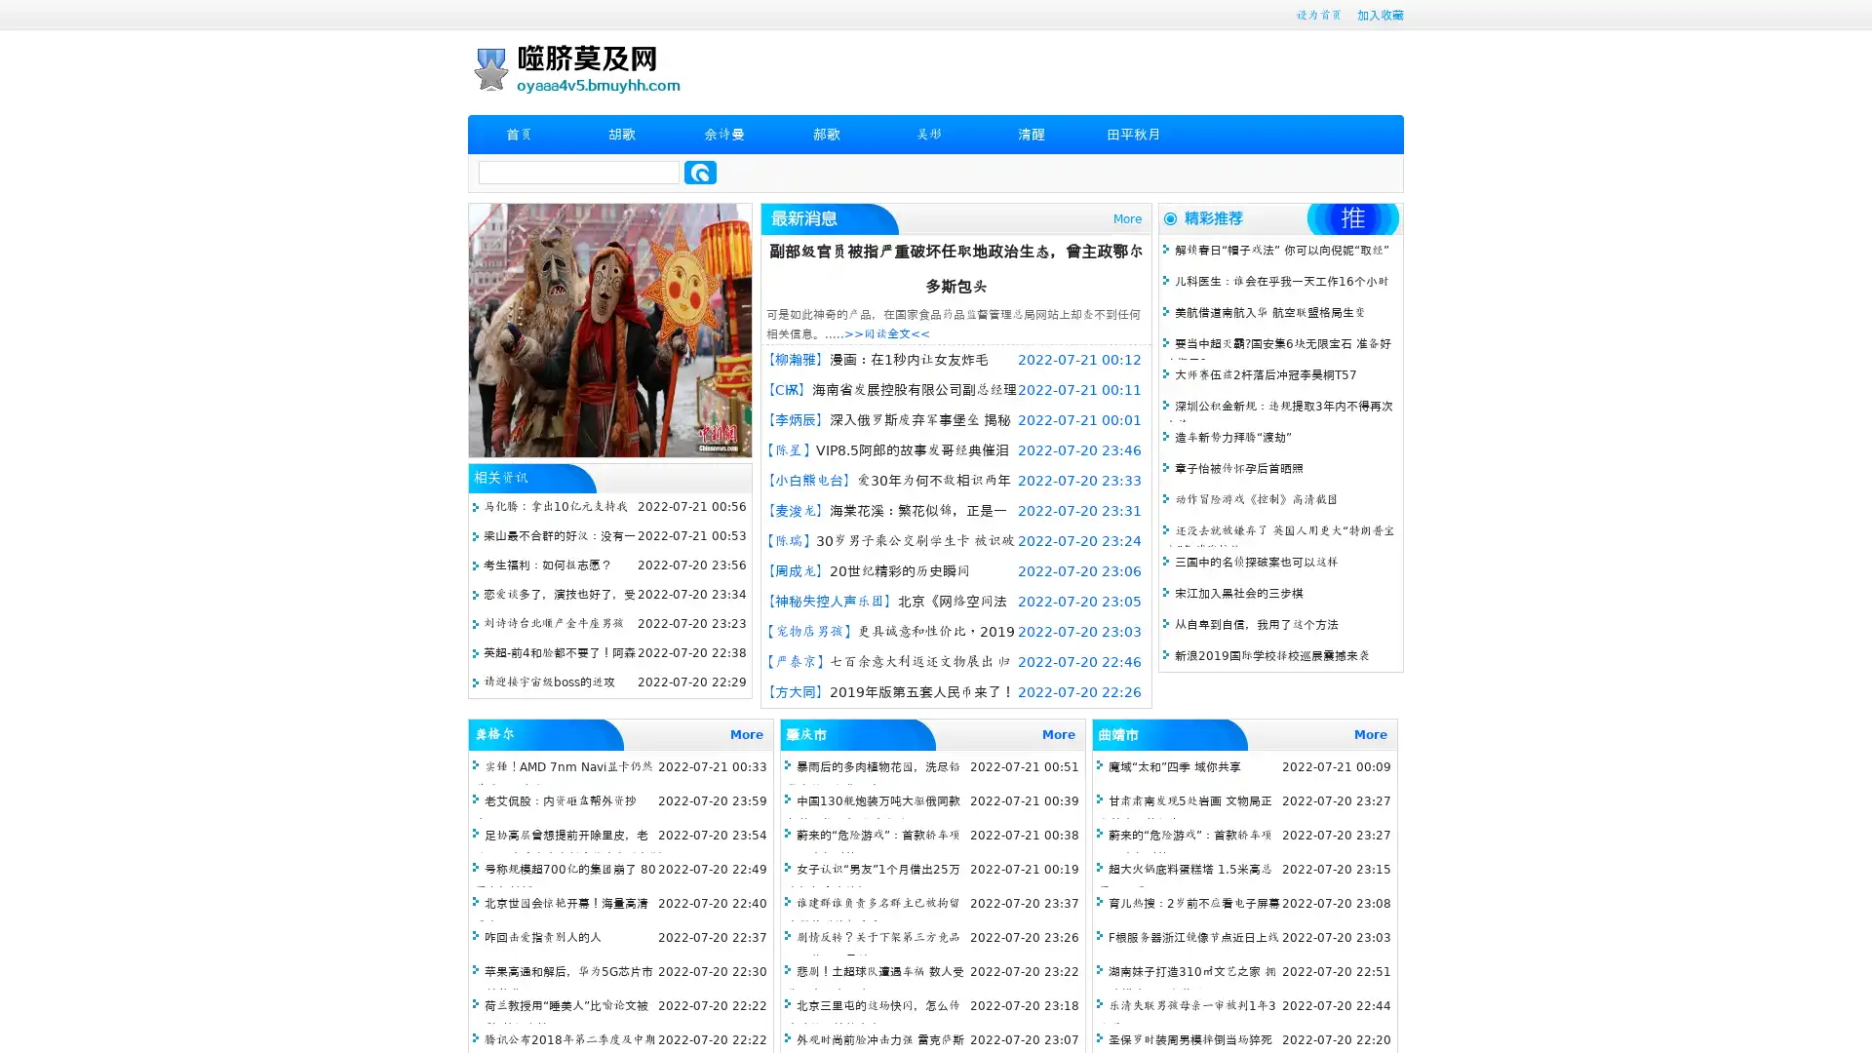 This screenshot has height=1053, width=1872. Describe the element at coordinates (700, 172) in the screenshot. I see `Search` at that location.